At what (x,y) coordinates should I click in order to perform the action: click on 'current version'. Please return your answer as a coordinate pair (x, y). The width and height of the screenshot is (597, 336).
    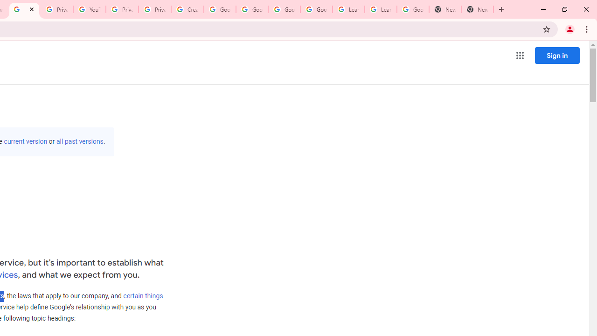
    Looking at the image, I should click on (26, 141).